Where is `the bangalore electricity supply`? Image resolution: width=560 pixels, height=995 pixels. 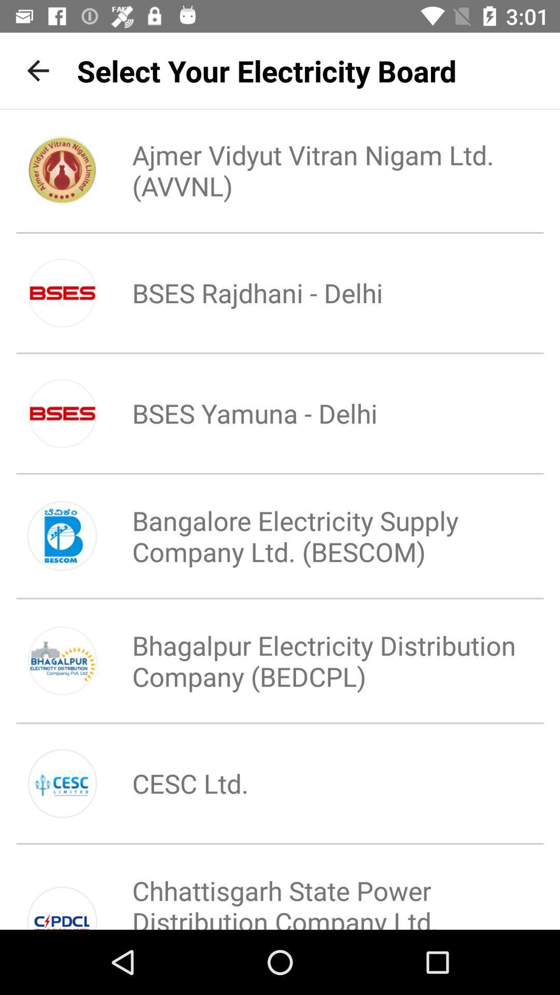 the bangalore electricity supply is located at coordinates (314, 536).